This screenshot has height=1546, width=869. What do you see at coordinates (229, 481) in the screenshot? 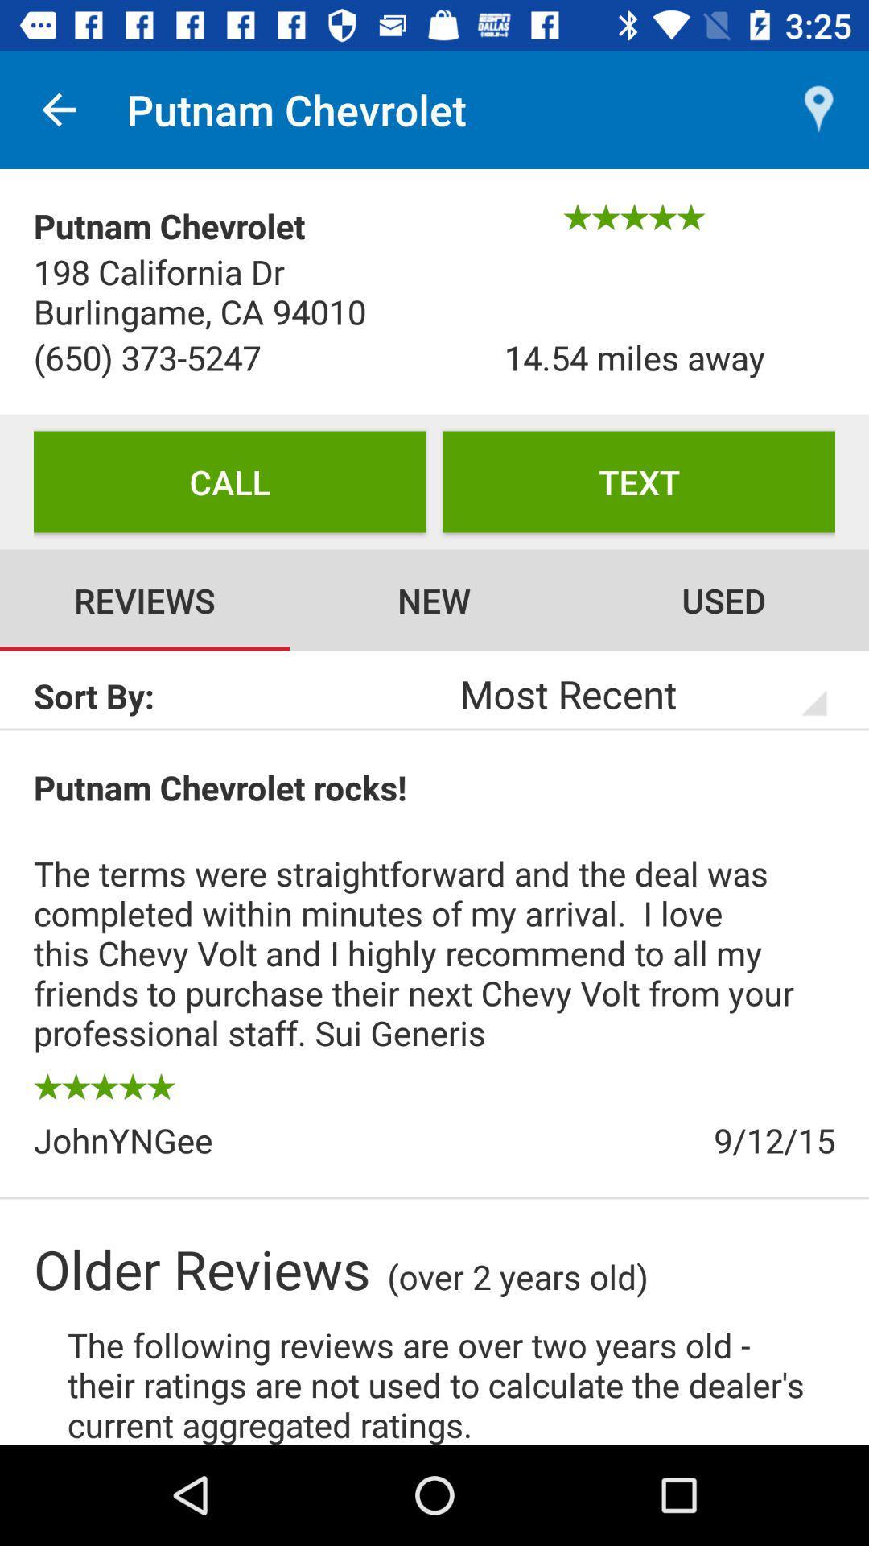
I see `the item next to text` at bounding box center [229, 481].